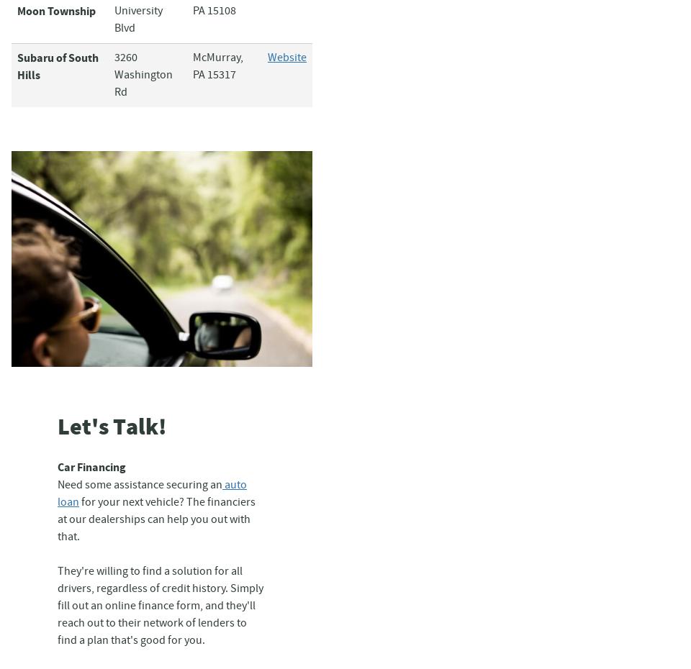  I want to click on '3260 Washington Rd', so click(113, 75).